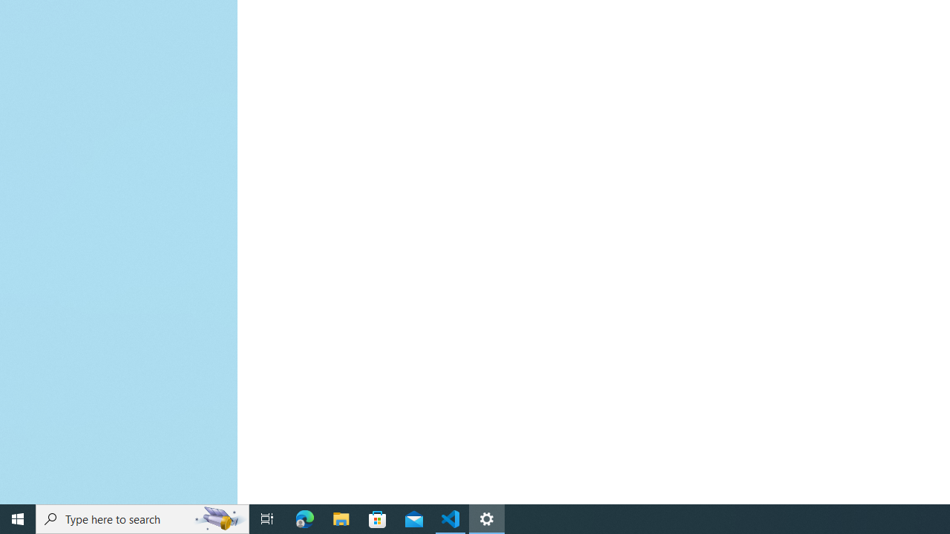 The image size is (950, 534). I want to click on 'Microsoft Edge', so click(304, 518).